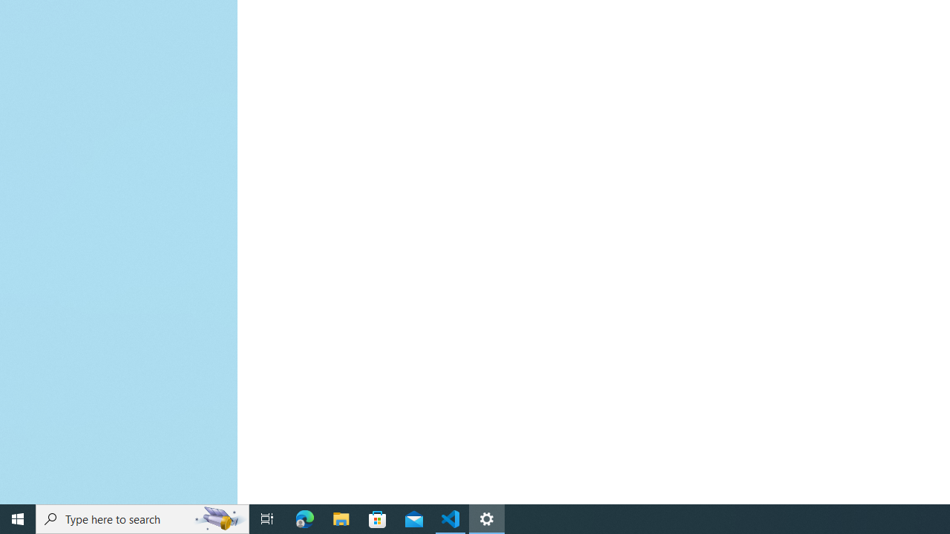 The image size is (950, 534). I want to click on 'Microsoft Edge', so click(304, 518).